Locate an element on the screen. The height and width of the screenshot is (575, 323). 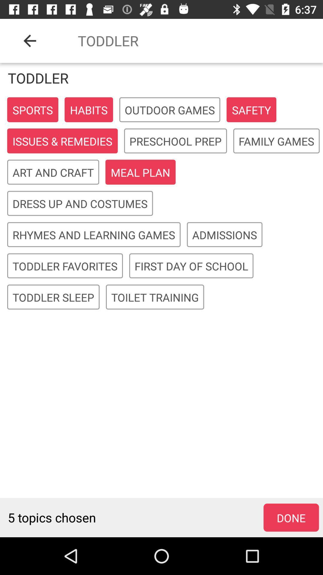
the button habits on the web page is located at coordinates (89, 110).